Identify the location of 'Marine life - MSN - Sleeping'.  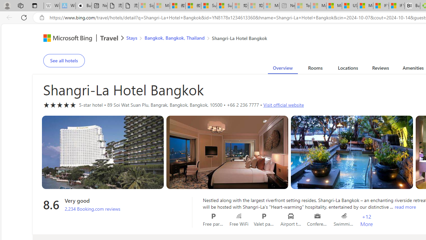
(318, 6).